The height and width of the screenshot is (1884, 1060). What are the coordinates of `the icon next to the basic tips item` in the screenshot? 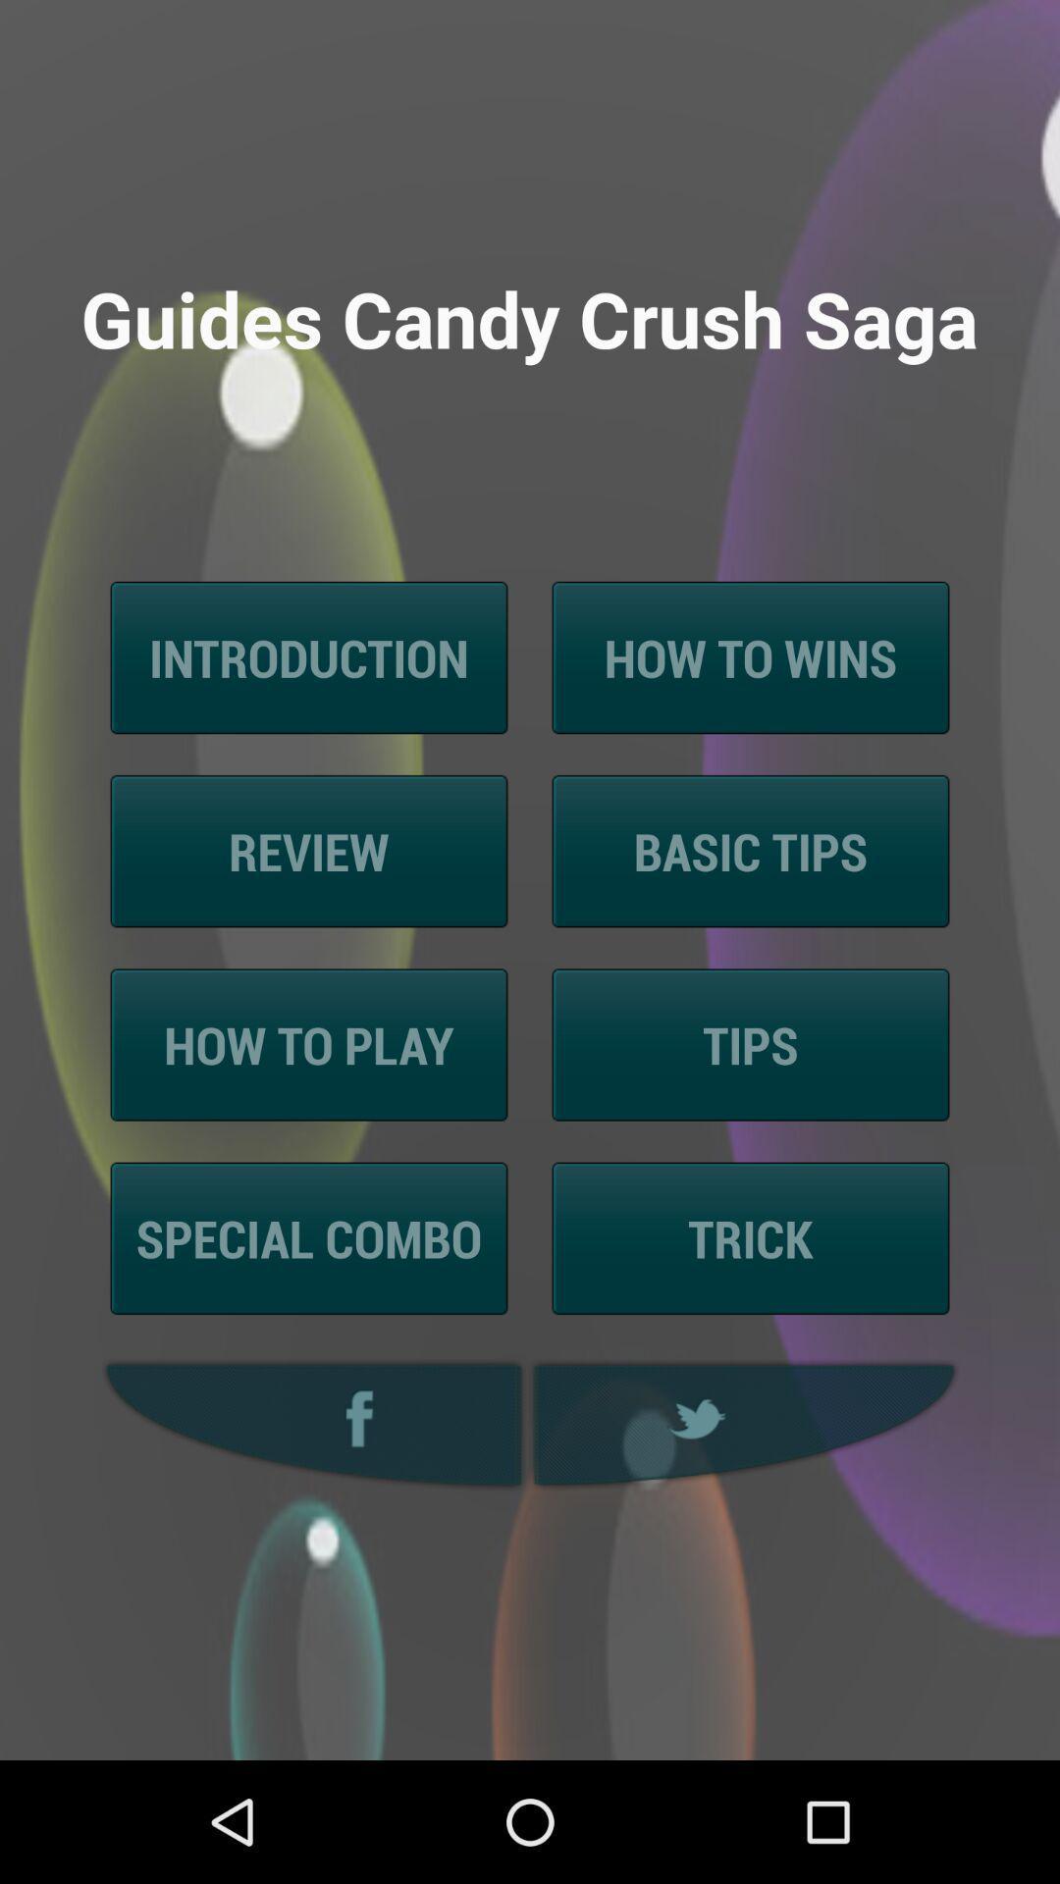 It's located at (309, 851).